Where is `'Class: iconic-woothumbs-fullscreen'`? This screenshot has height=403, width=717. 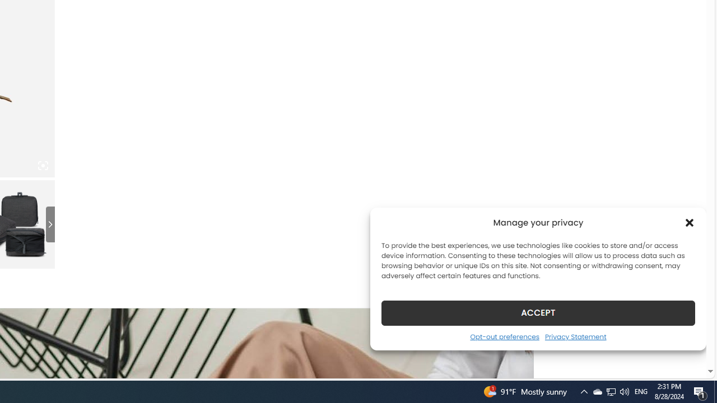
'Class: iconic-woothumbs-fullscreen' is located at coordinates (43, 166).